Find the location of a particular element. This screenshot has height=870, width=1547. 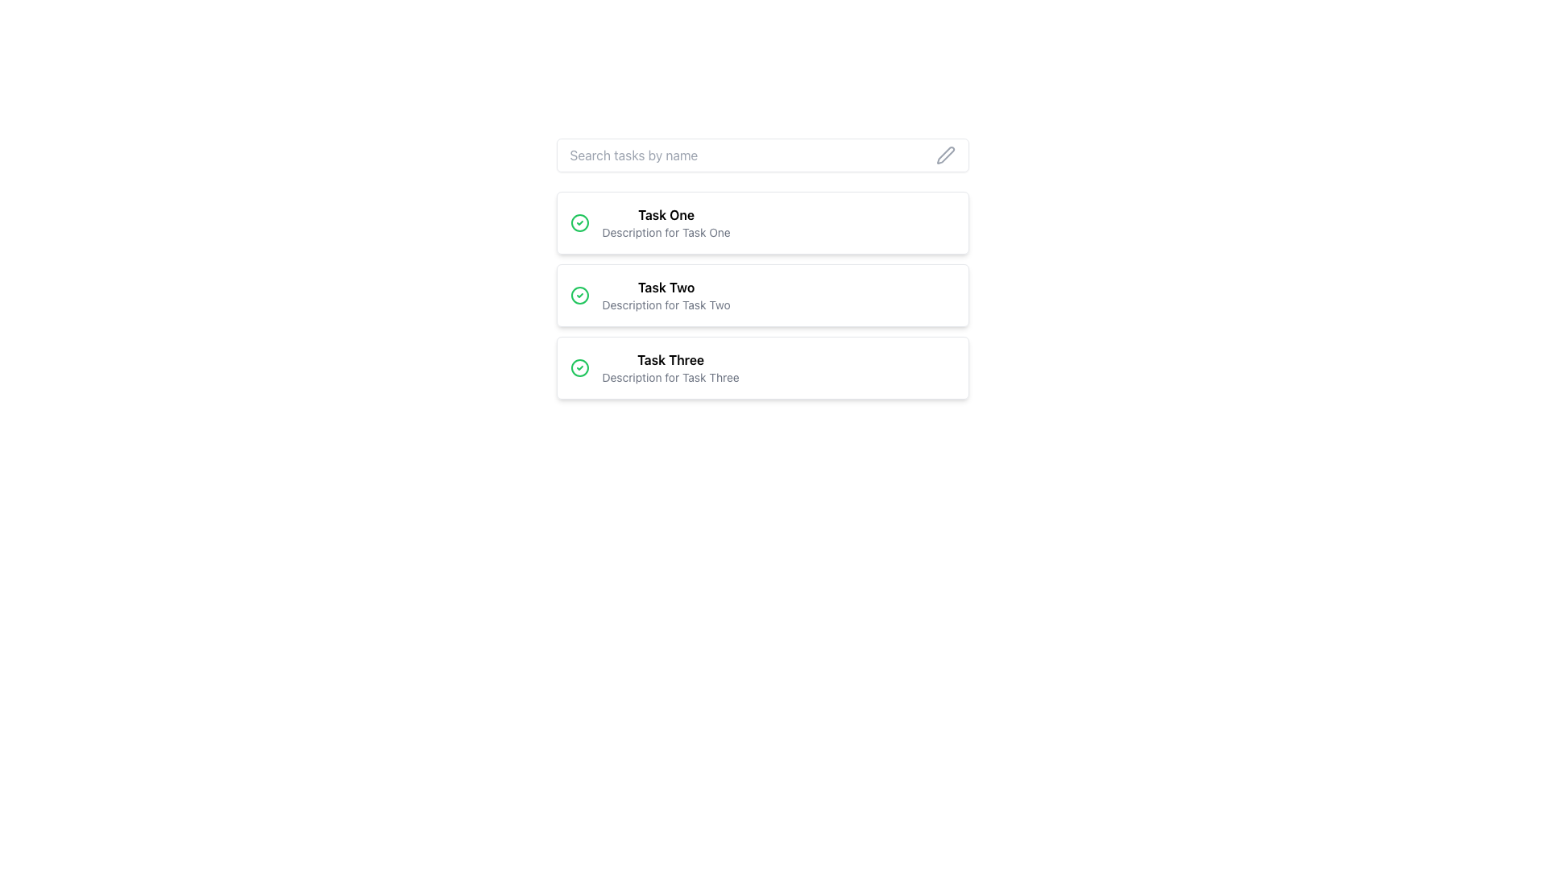

the descriptive text label located under 'Task One' in the first card of the vertically stacked list of cards is located at coordinates (666, 233).